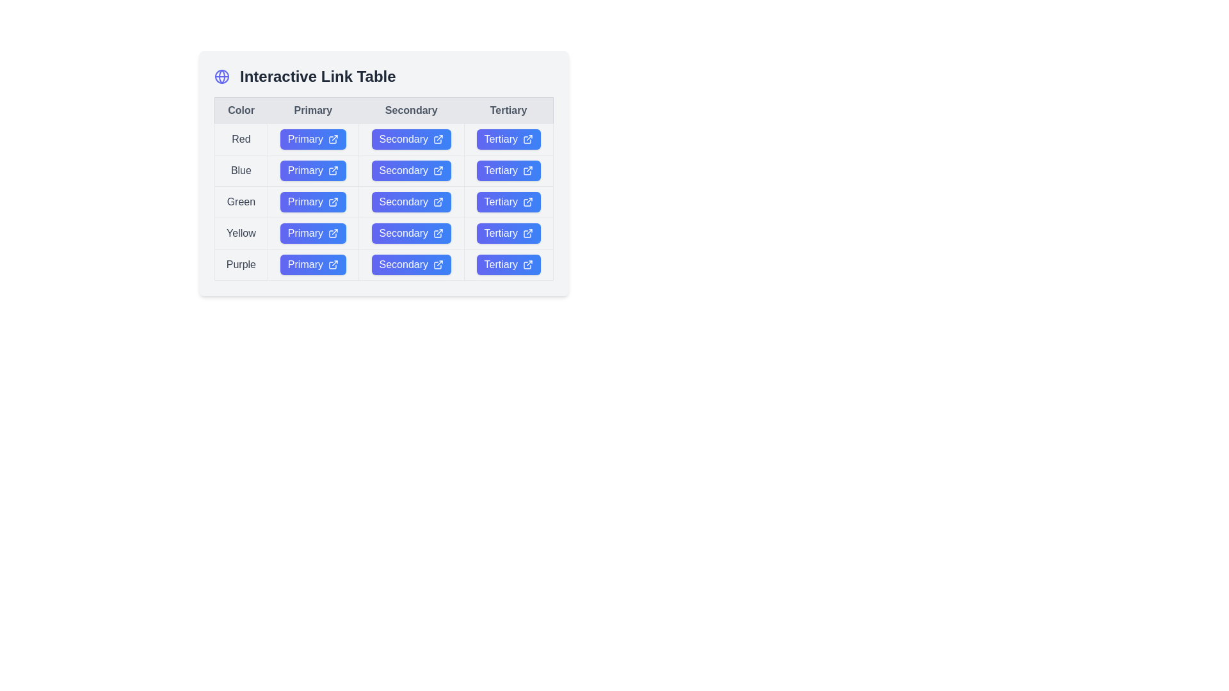  I want to click on the external link icon, which is a simplistic stroke-only outline with an outward-pointing arrow, located immediately to the right of the text 'Secondary' within the gradient-styled button in the 'Purple' row and 'Secondary' column of the 'Interactive Link Table', so click(438, 264).